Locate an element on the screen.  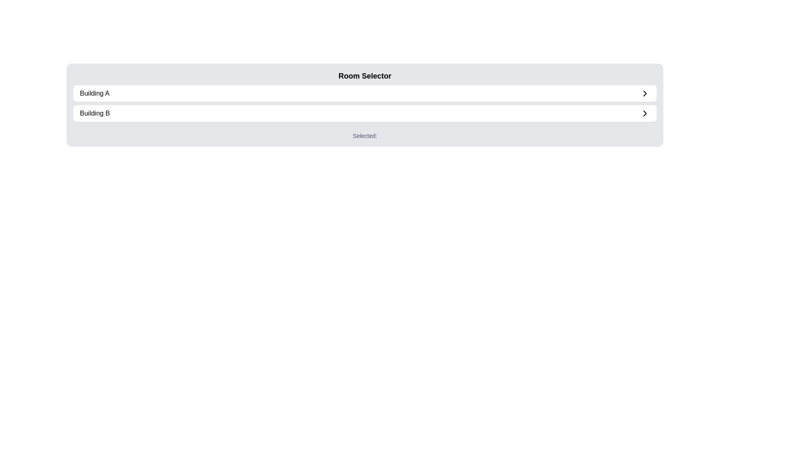
the selectable button for 'Building B', which is the second item in a vertical list of options is located at coordinates (367, 113).